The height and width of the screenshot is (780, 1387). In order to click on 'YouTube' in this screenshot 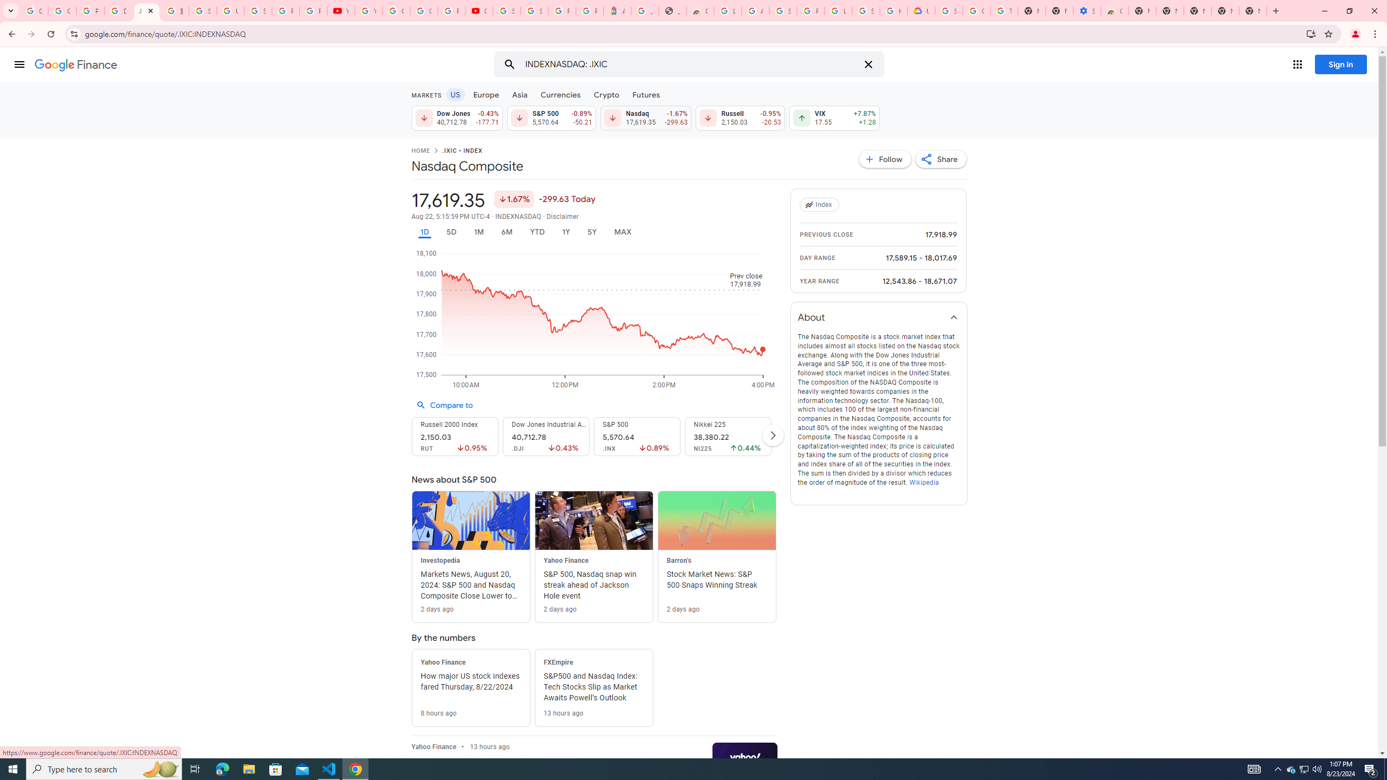, I will do `click(340, 10)`.